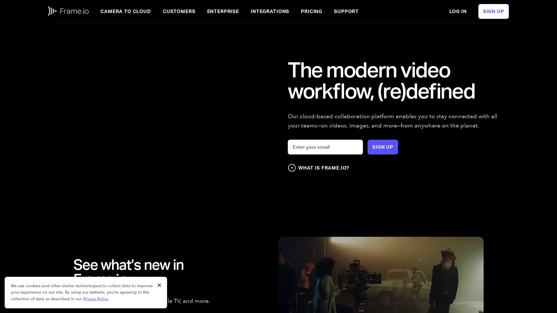  Describe the element at coordinates (318, 168) in the screenshot. I see `WHAT IS FRAME.IO?` at that location.